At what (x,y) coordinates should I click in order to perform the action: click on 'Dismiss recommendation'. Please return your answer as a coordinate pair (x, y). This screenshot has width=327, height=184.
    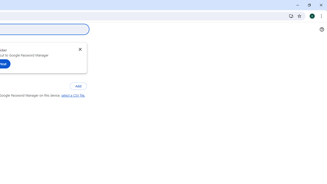
    Looking at the image, I should click on (80, 49).